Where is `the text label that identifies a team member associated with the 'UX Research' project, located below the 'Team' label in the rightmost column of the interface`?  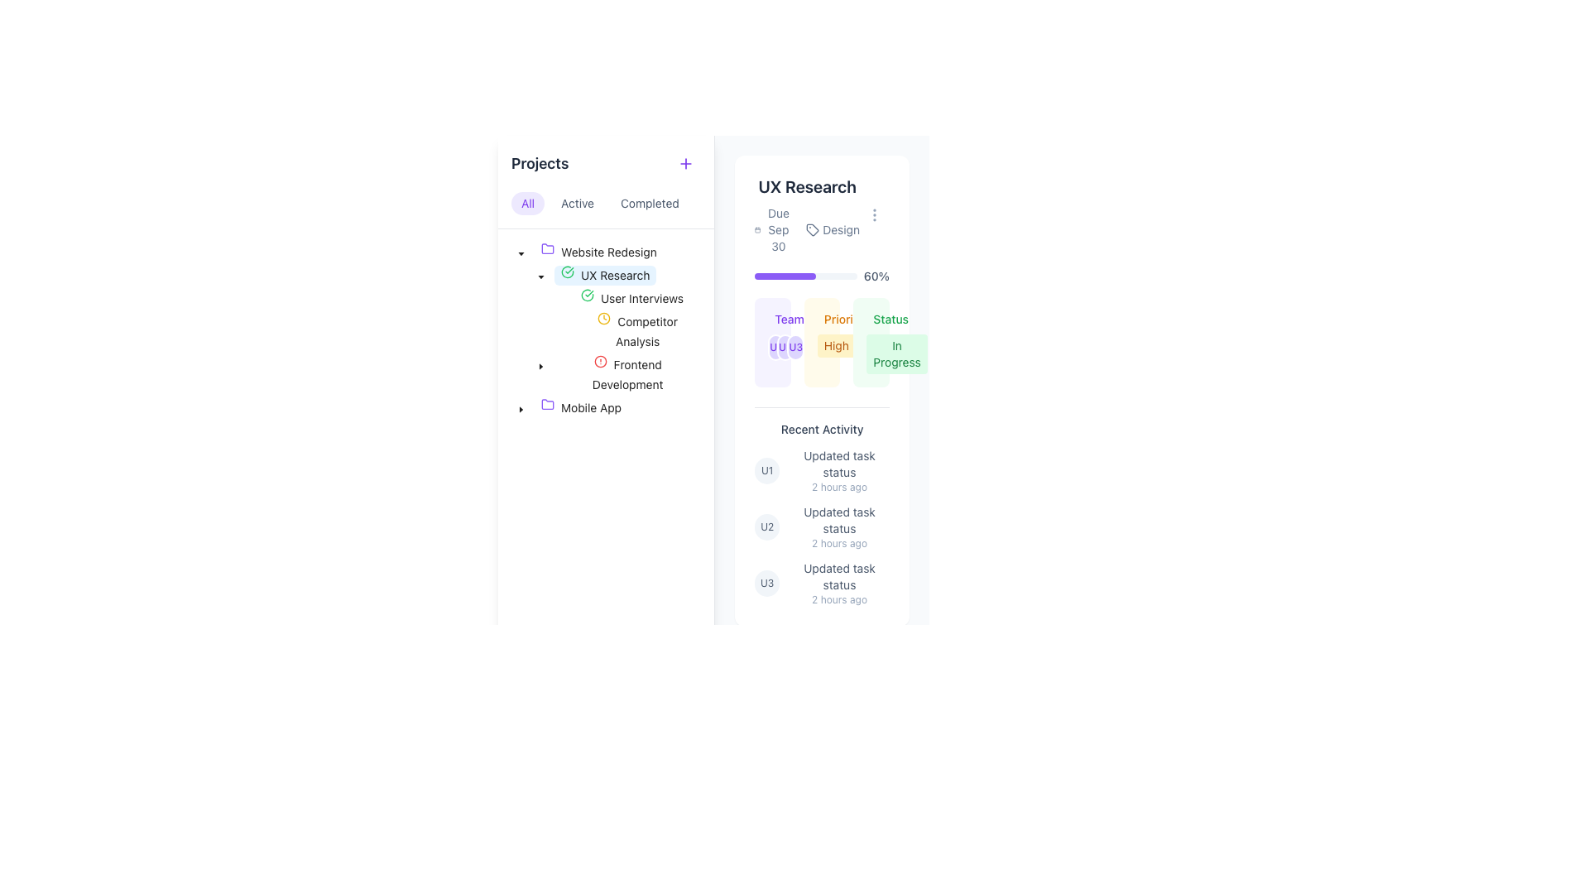 the text label that identifies a team member associated with the 'UX Research' project, located below the 'Team' label in the rightmost column of the interface is located at coordinates (785, 347).